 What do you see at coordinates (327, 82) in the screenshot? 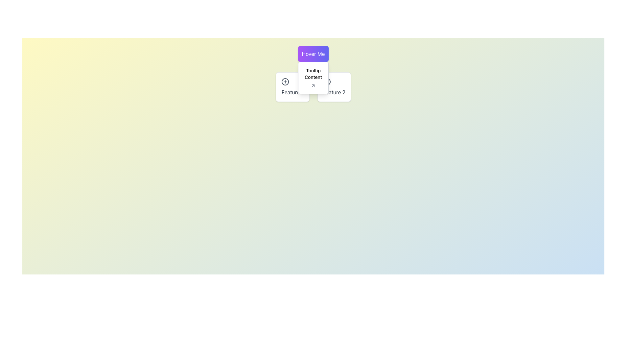
I see `the information icon located at the top-right edge of the 'Feature 2' card component` at bounding box center [327, 82].